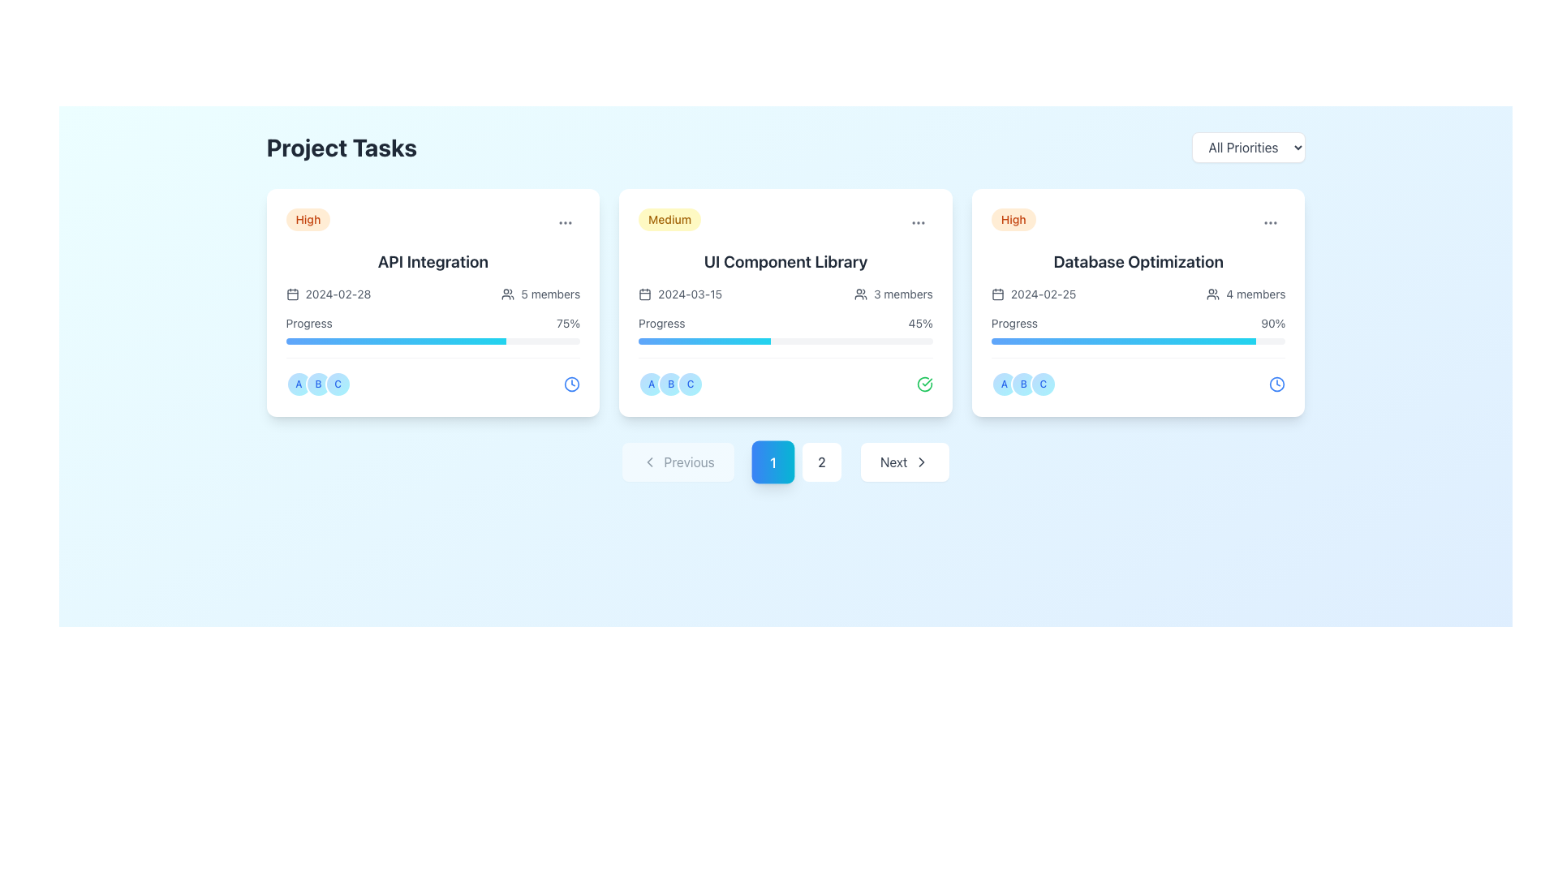 The height and width of the screenshot is (876, 1558). I want to click on the displayed date '2024-03-15' in the Label with a calendar icon, located in the second task card titled 'UI Component Library', so click(680, 294).